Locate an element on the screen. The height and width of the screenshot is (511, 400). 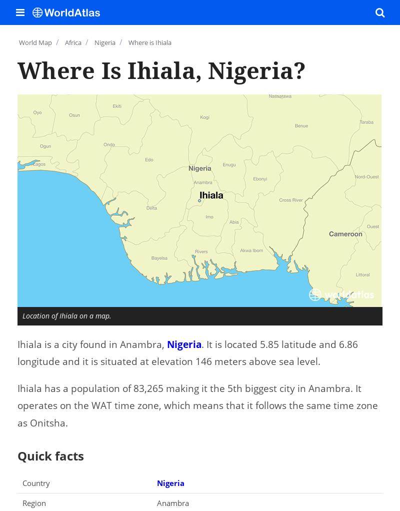
'Where is Ihiala, Nigeria?' is located at coordinates (161, 69).